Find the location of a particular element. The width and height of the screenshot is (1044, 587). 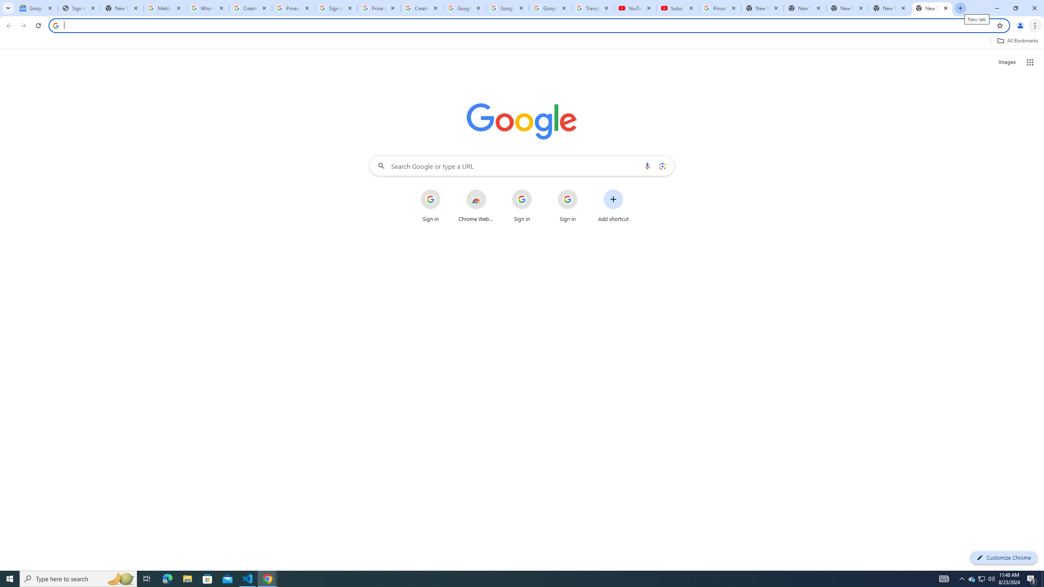

'Google Account' is located at coordinates (550, 8).